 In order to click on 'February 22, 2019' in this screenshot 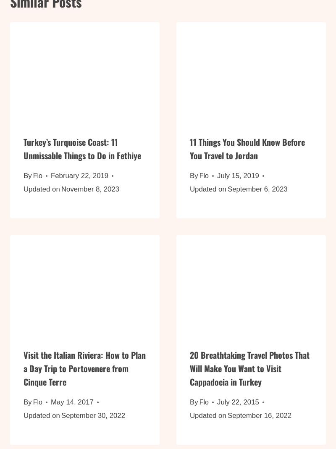, I will do `click(79, 180)`.